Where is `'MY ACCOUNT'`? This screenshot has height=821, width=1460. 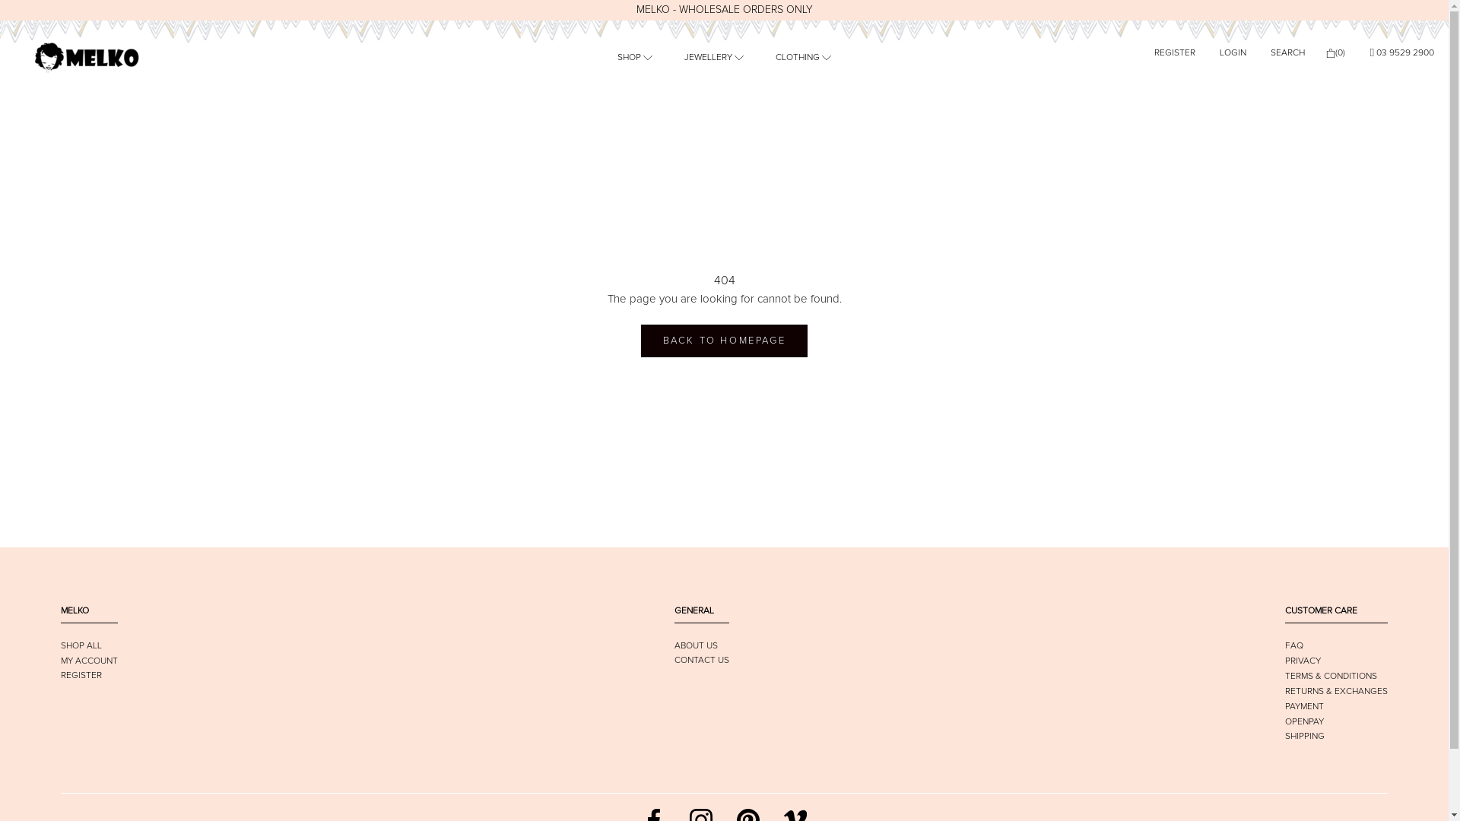
'MY ACCOUNT' is located at coordinates (88, 661).